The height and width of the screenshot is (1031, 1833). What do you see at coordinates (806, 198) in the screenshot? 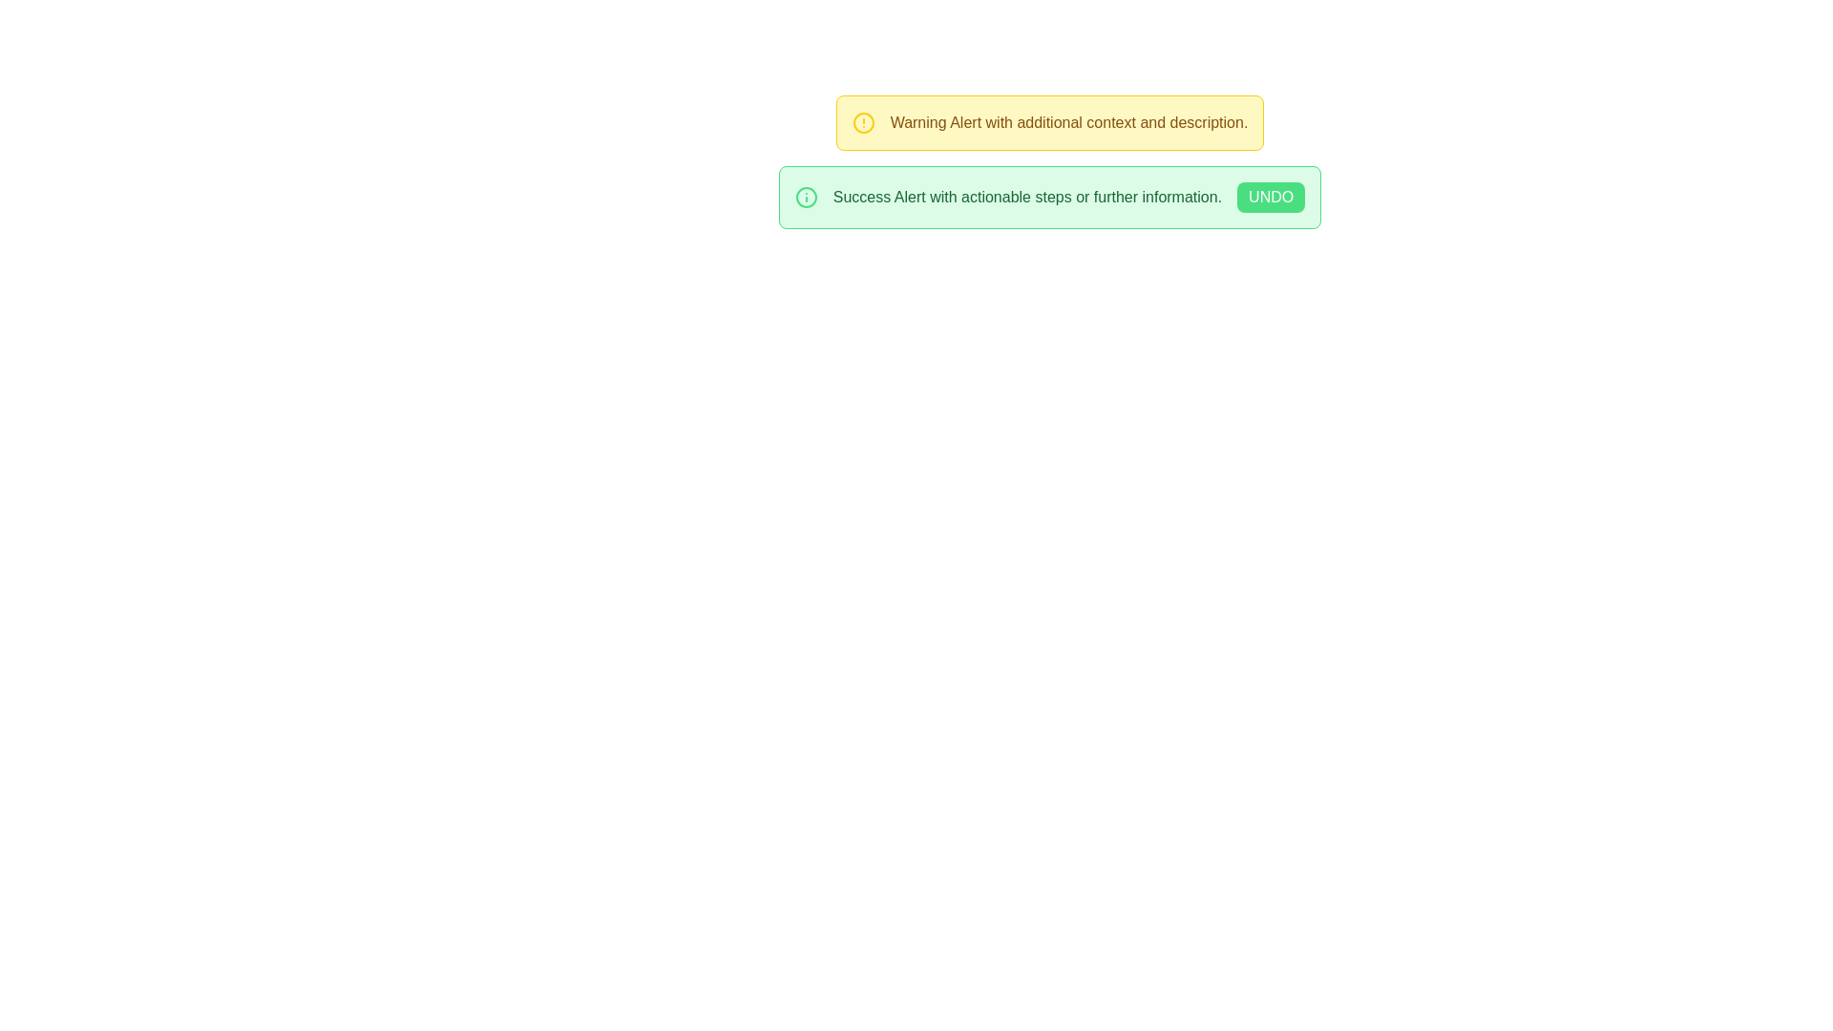
I see `the green circular icon with a white background containing a lowercase 'i' symbol, located in the success notification bar` at bounding box center [806, 198].